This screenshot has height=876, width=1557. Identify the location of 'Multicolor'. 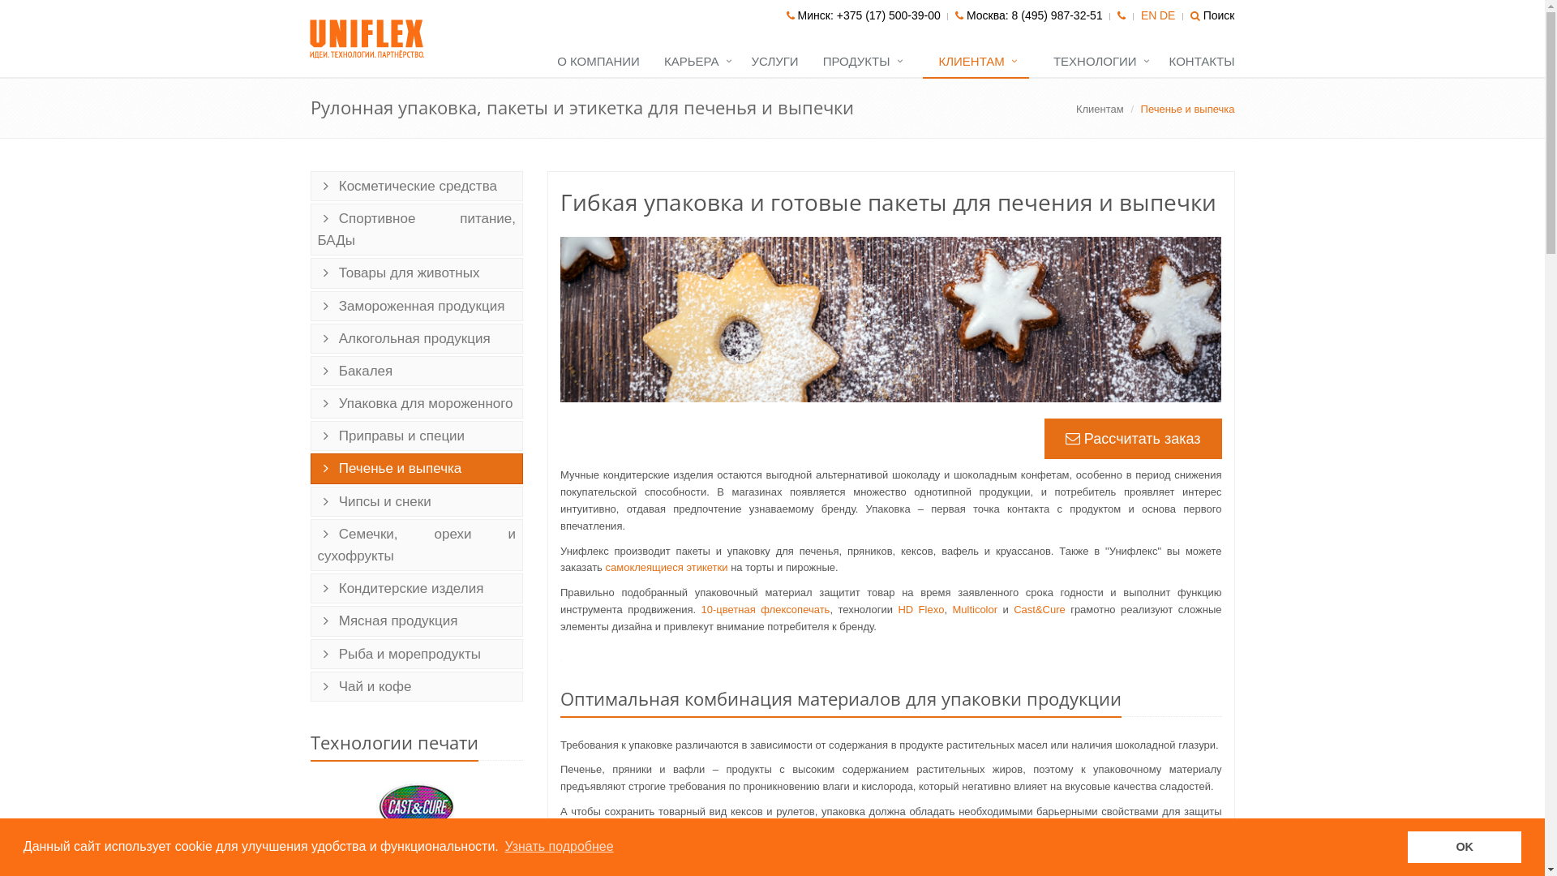
(952, 609).